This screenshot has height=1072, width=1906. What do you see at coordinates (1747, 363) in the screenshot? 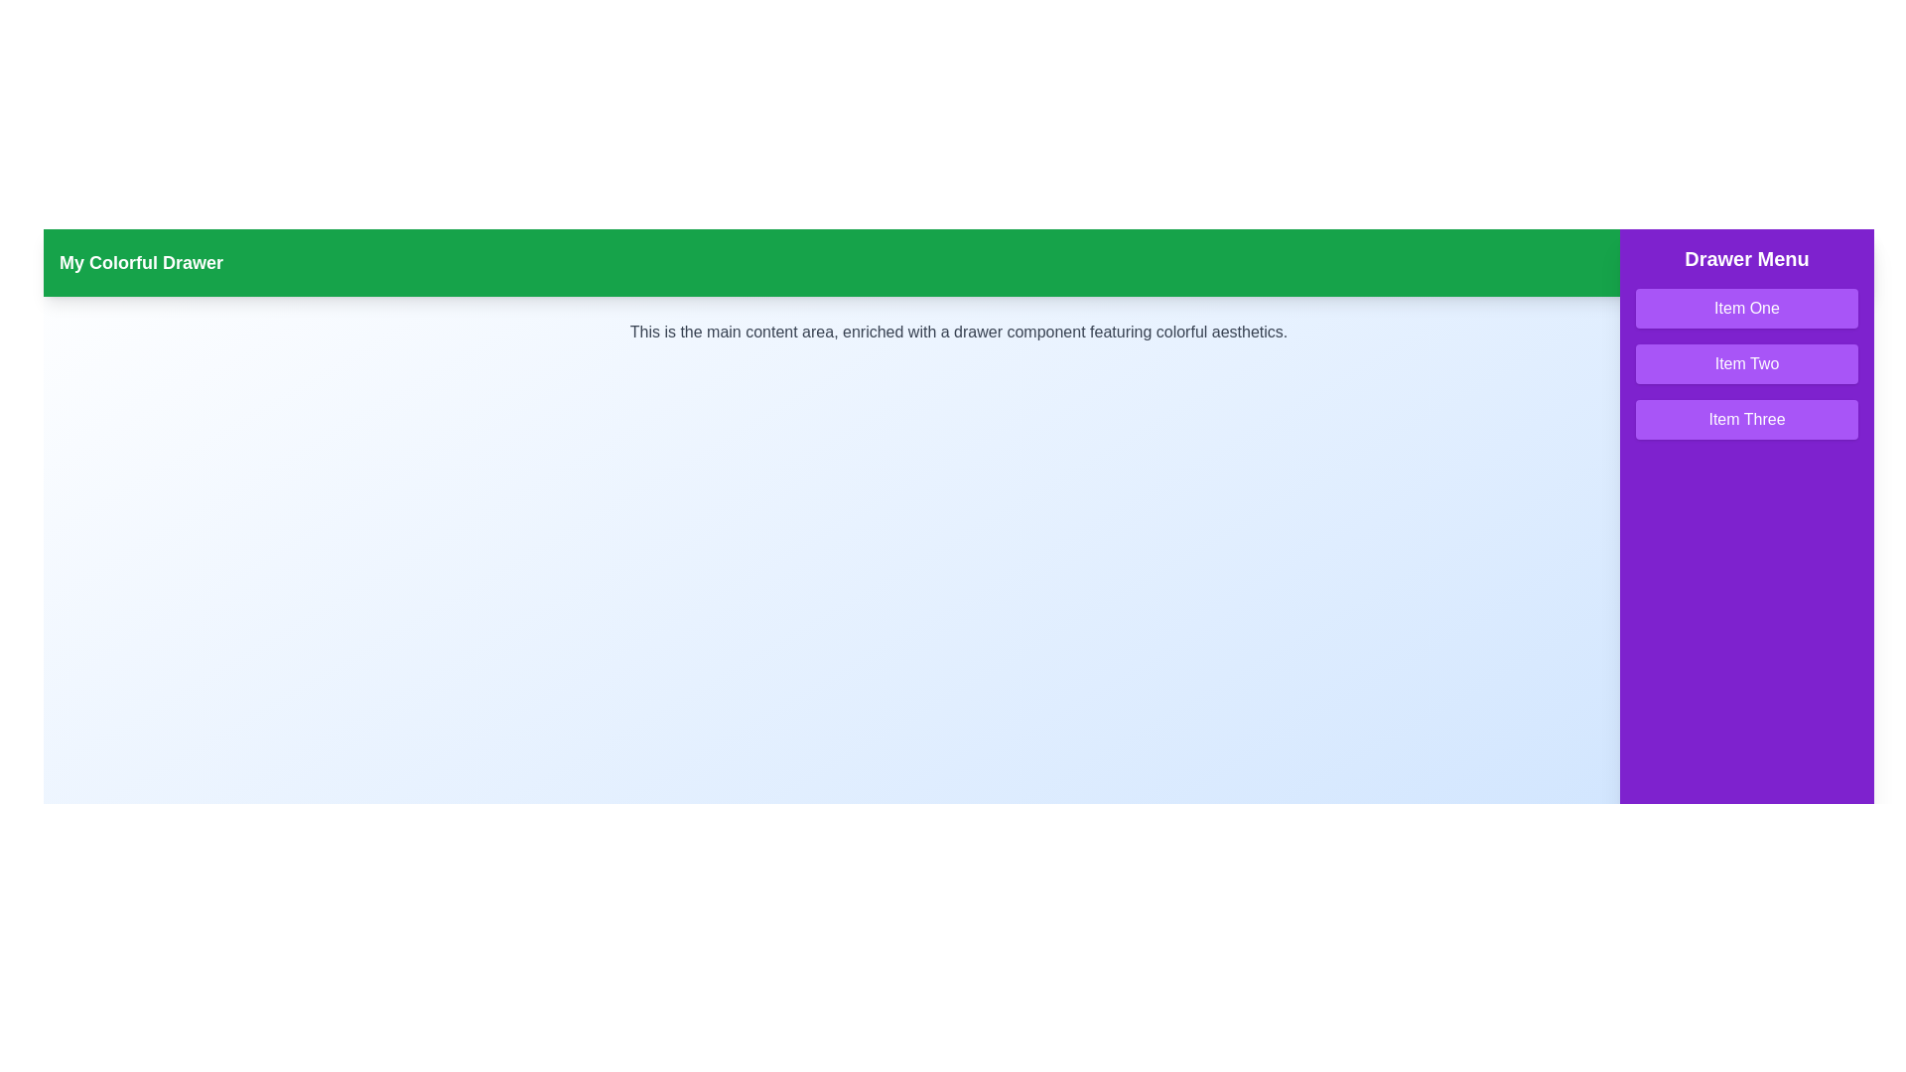
I see `the rectangular button with a purple background and white text labeled 'Item Two'` at bounding box center [1747, 363].